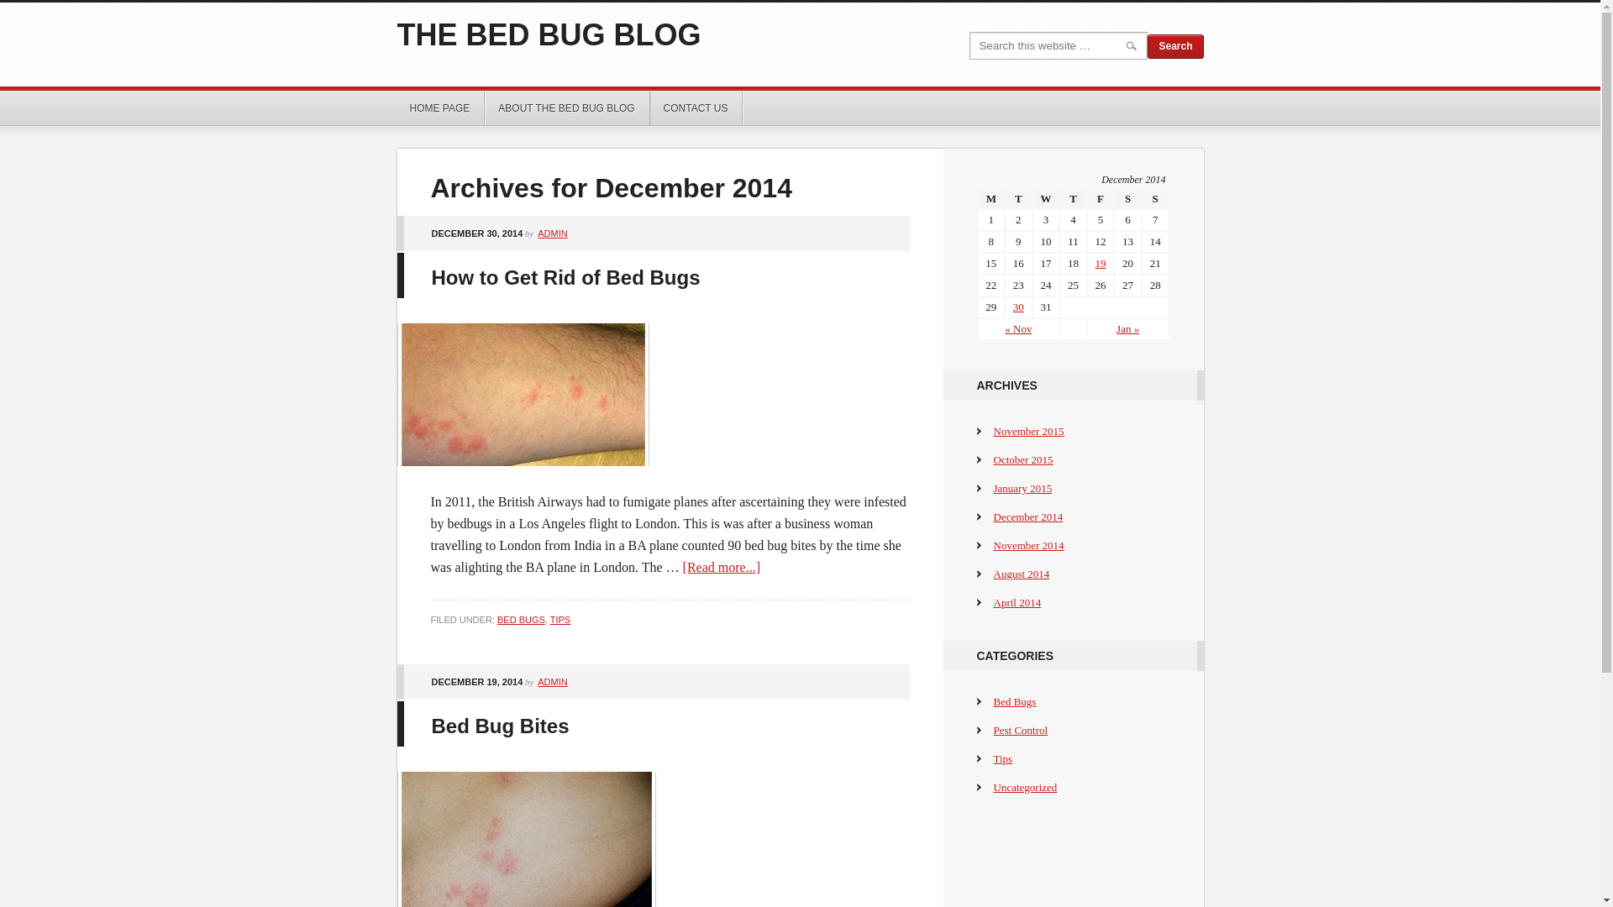 The image size is (1613, 907). I want to click on 'CONTACT US', so click(696, 107).